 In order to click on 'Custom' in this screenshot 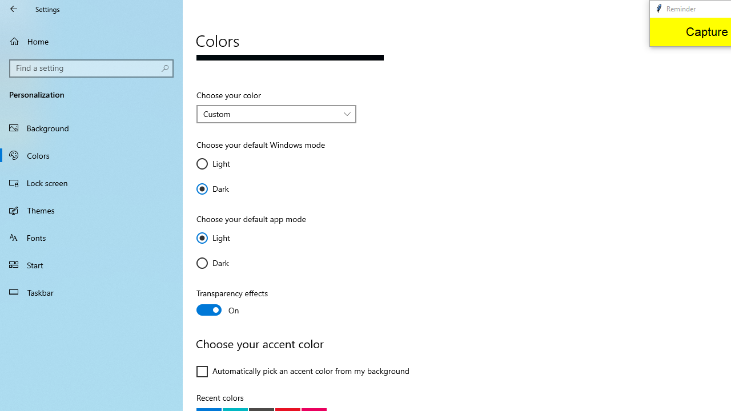, I will do `click(270, 114)`.